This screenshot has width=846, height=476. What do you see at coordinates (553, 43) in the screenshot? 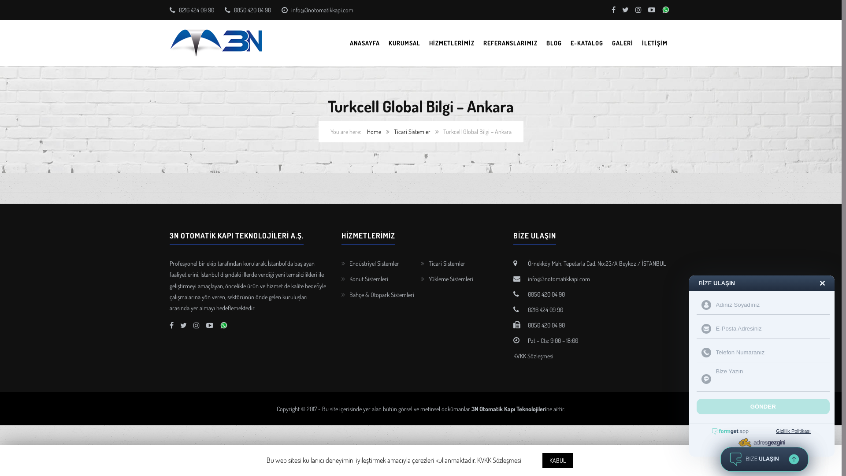
I see `'BLOG'` at bounding box center [553, 43].